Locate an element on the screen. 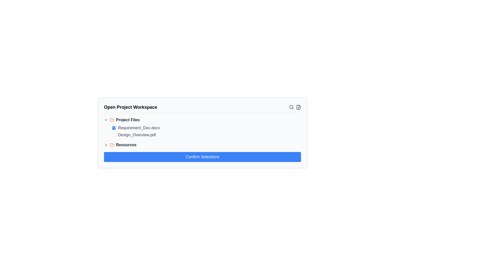 This screenshot has width=480, height=270. the small chevron icon pointing to the right, located immediately to the left of the label 'Resources' is located at coordinates (105, 145).